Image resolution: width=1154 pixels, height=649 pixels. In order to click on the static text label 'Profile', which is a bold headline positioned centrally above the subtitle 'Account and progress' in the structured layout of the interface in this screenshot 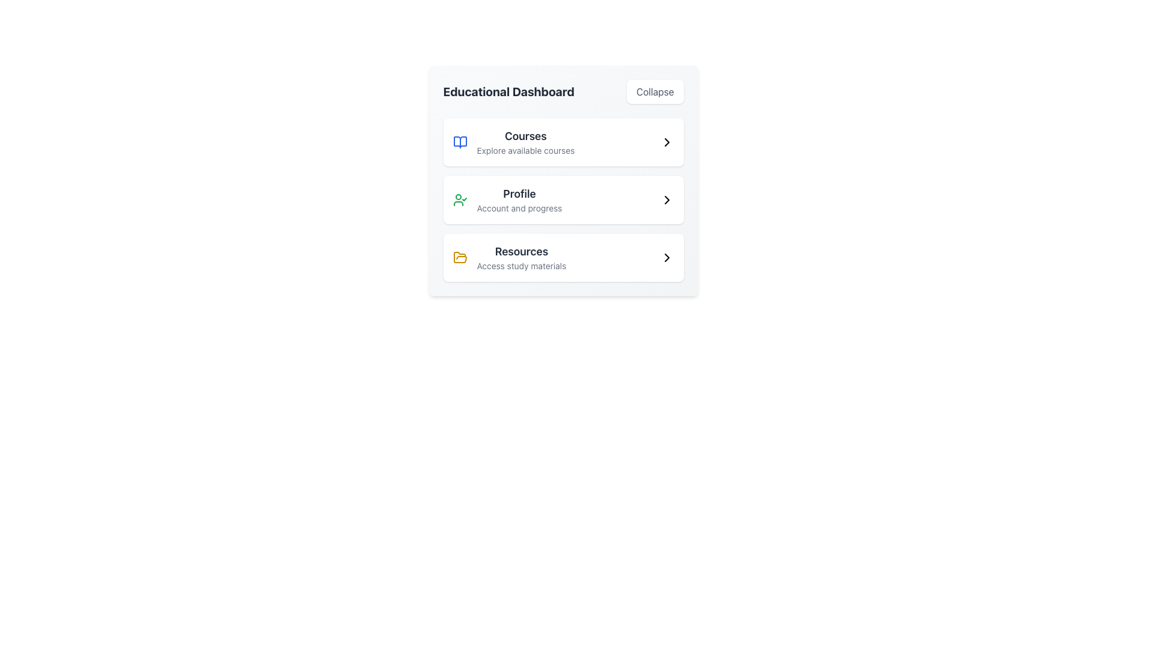, I will do `click(519, 193)`.